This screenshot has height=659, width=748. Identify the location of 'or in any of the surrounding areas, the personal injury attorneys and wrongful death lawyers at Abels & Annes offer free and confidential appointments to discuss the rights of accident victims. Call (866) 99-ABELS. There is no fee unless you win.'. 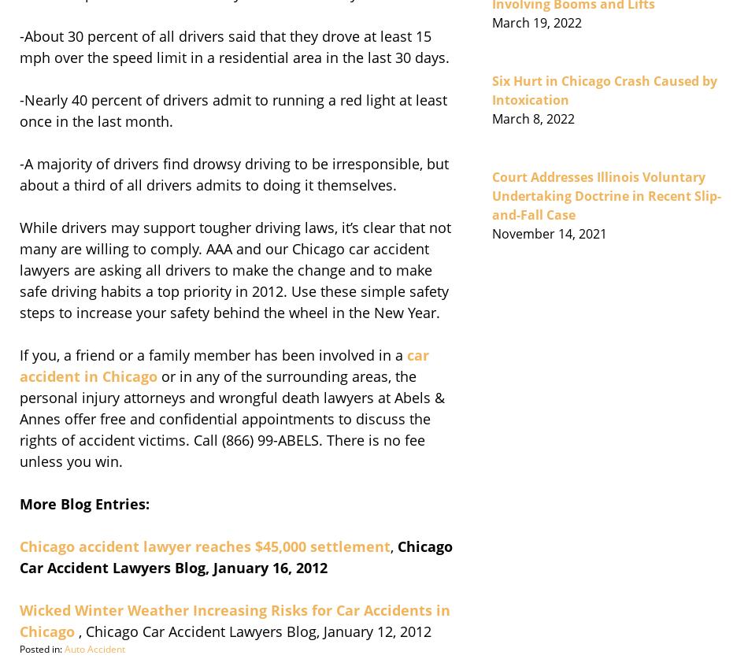
(231, 417).